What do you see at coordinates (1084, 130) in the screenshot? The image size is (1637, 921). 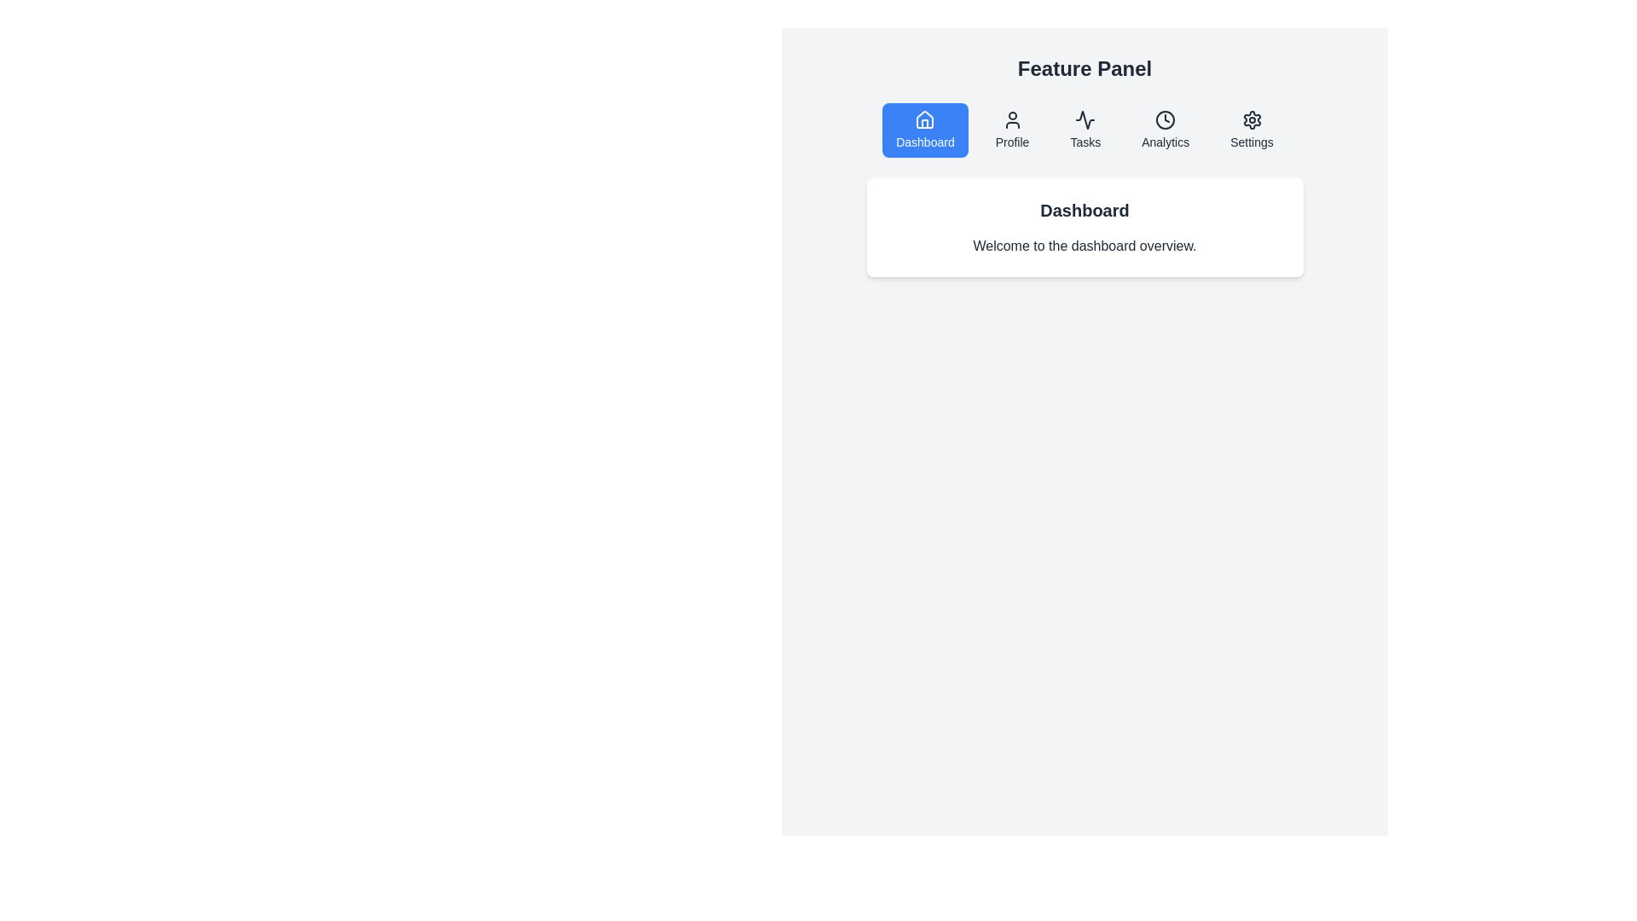 I see `the third menu item in the Navigation menu, located centrally under the 'Feature Panel' heading, to trigger interaction feedback` at bounding box center [1084, 130].